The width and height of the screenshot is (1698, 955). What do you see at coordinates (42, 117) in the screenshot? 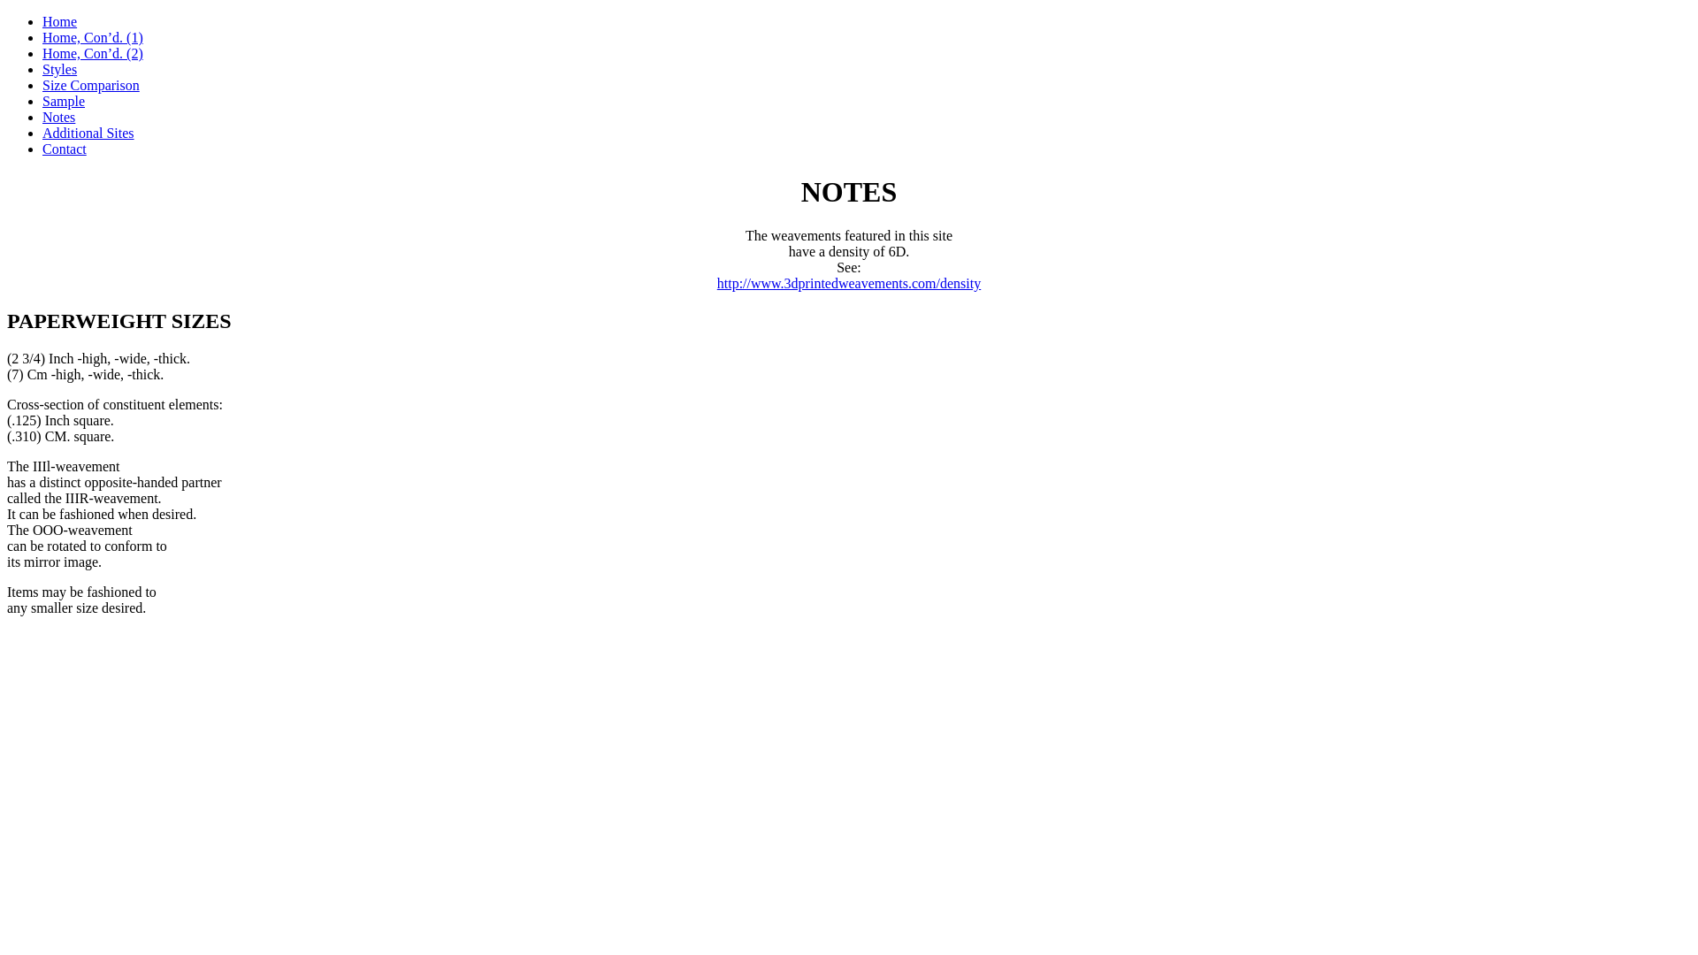
I see `'Notes'` at bounding box center [42, 117].